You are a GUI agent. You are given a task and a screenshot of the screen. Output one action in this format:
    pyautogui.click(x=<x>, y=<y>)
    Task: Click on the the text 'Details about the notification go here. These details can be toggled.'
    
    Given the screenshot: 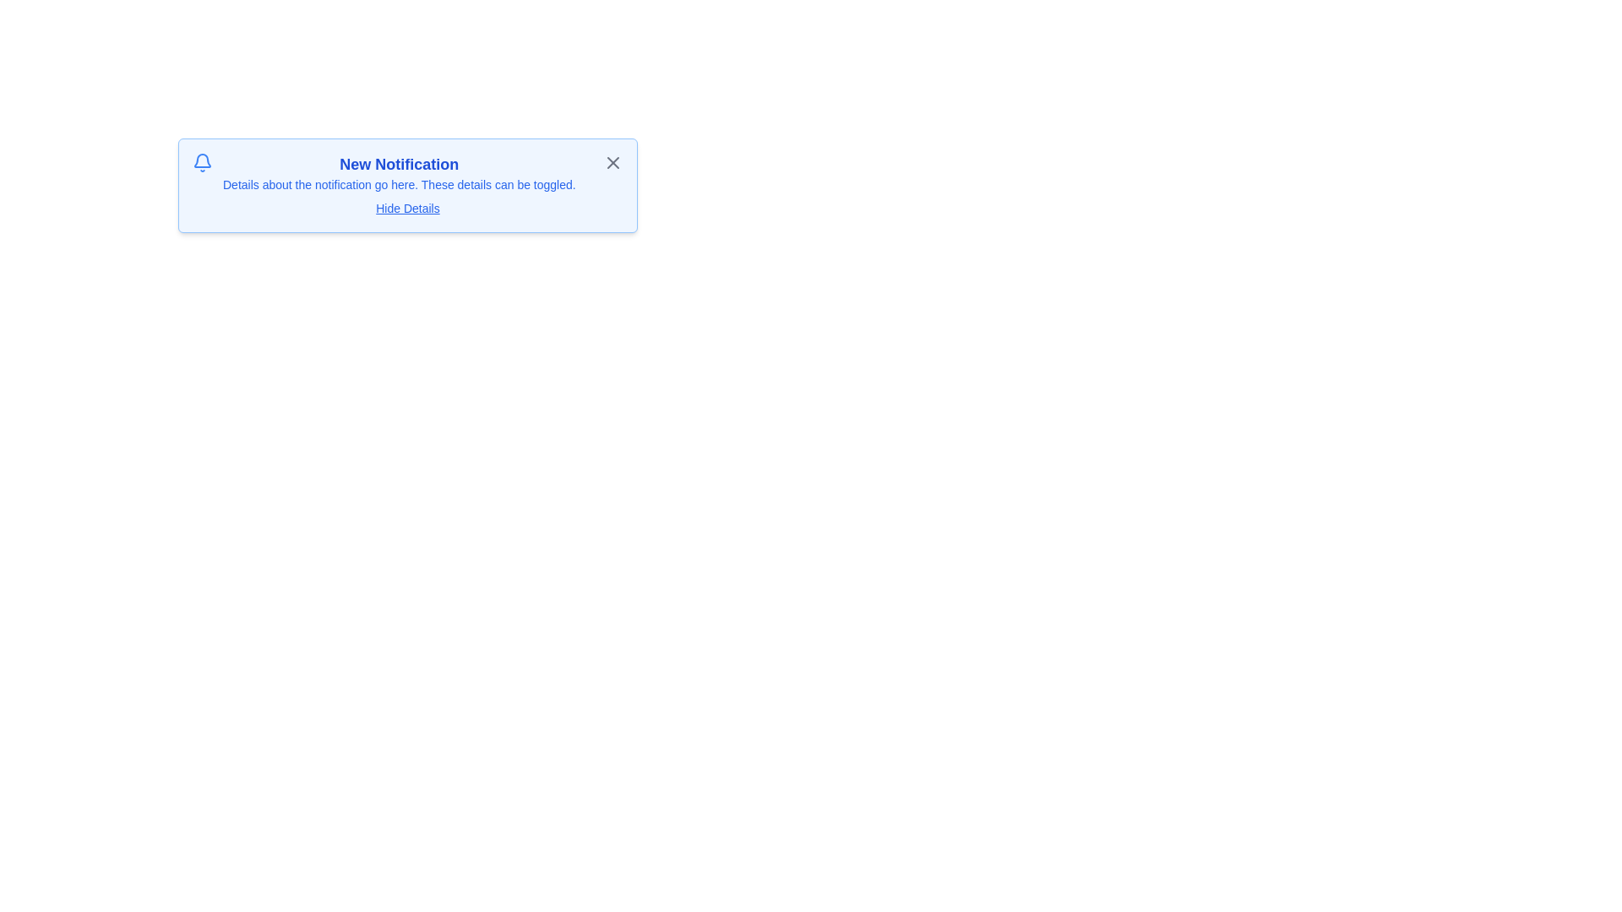 What is the action you would take?
    pyautogui.click(x=397, y=185)
    